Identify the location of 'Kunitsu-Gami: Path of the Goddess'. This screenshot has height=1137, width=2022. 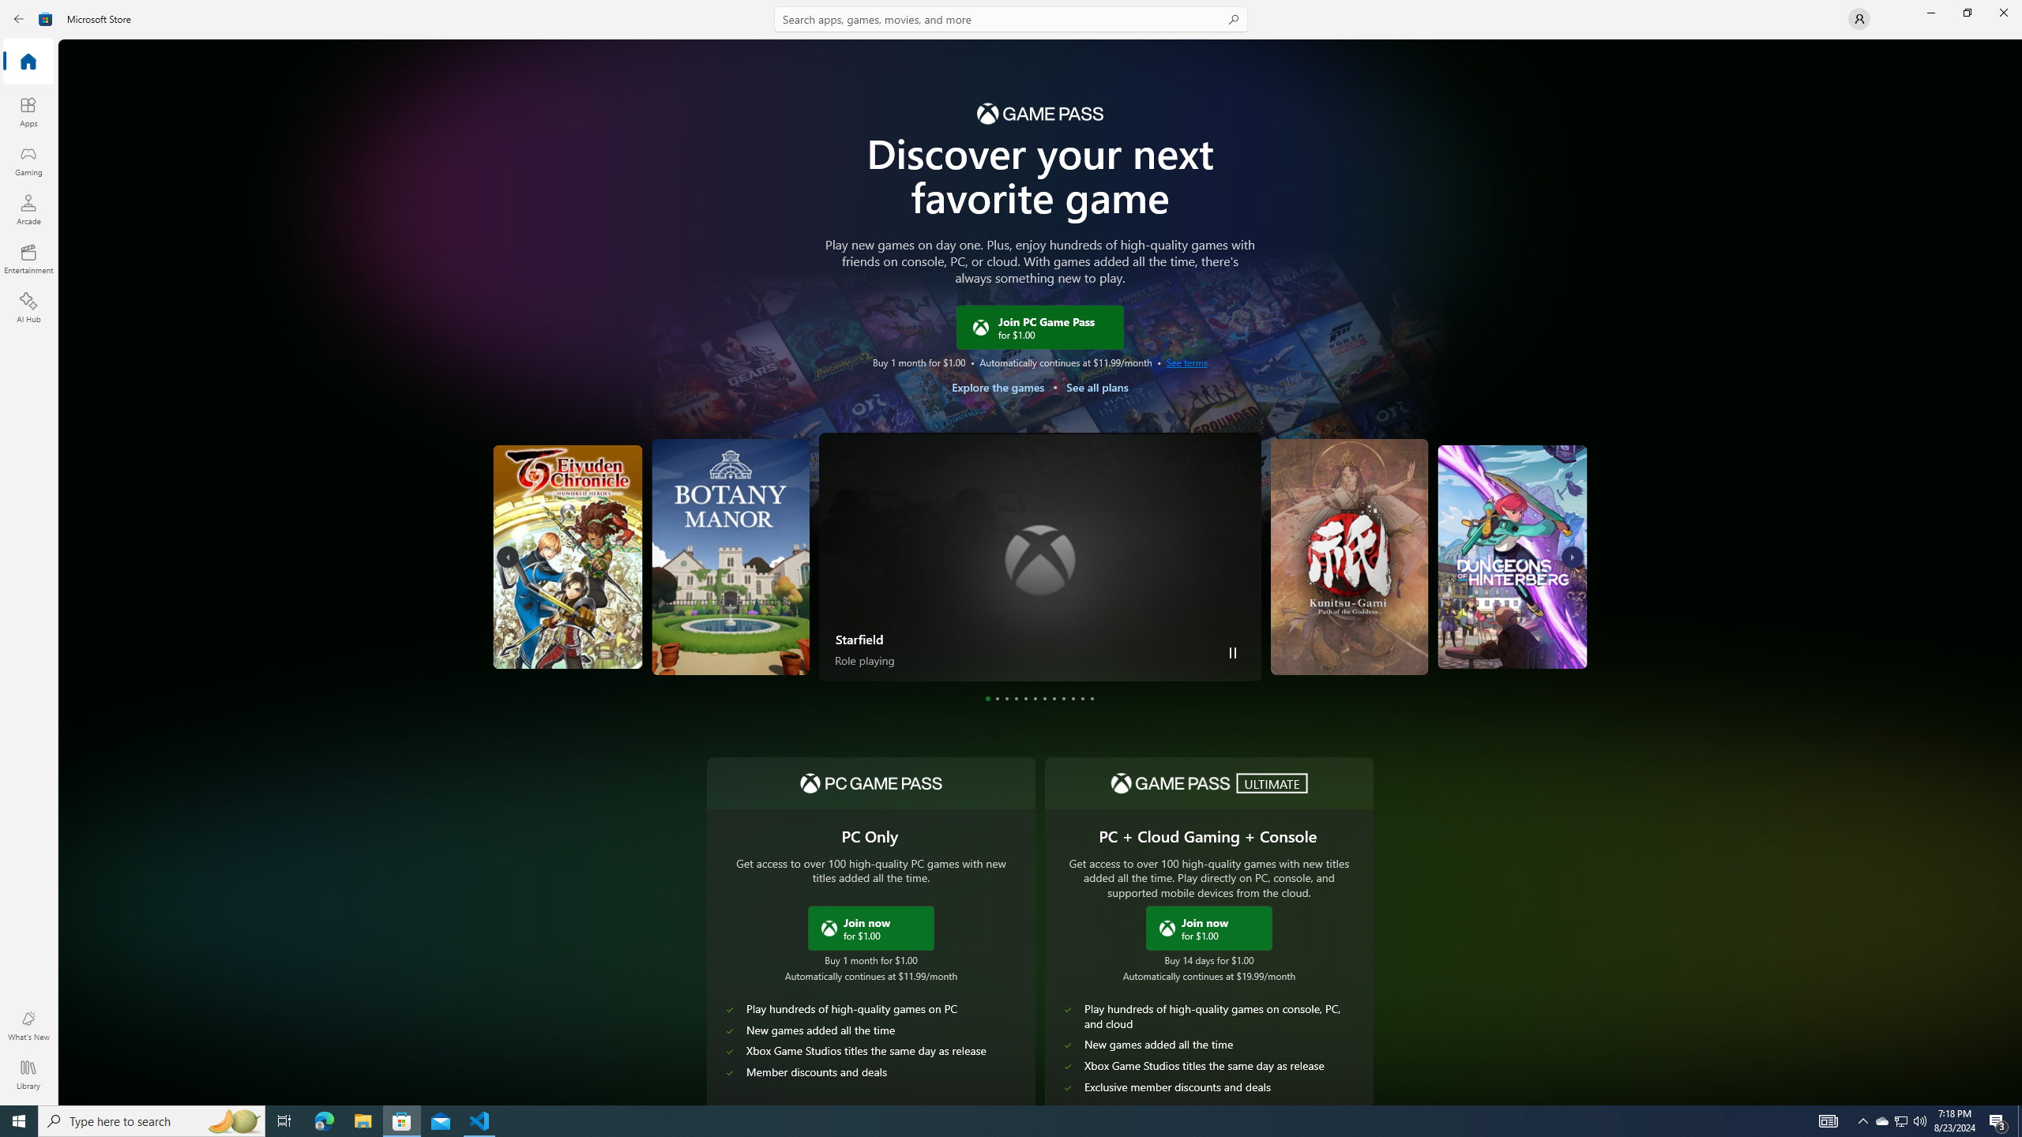
(1352, 556).